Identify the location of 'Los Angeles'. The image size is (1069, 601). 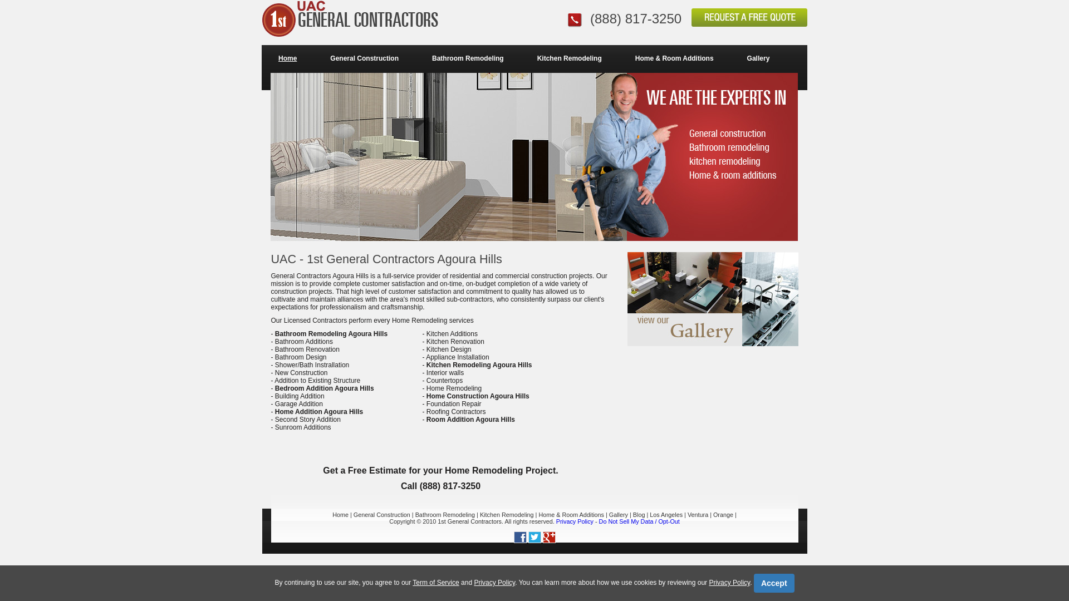
(666, 515).